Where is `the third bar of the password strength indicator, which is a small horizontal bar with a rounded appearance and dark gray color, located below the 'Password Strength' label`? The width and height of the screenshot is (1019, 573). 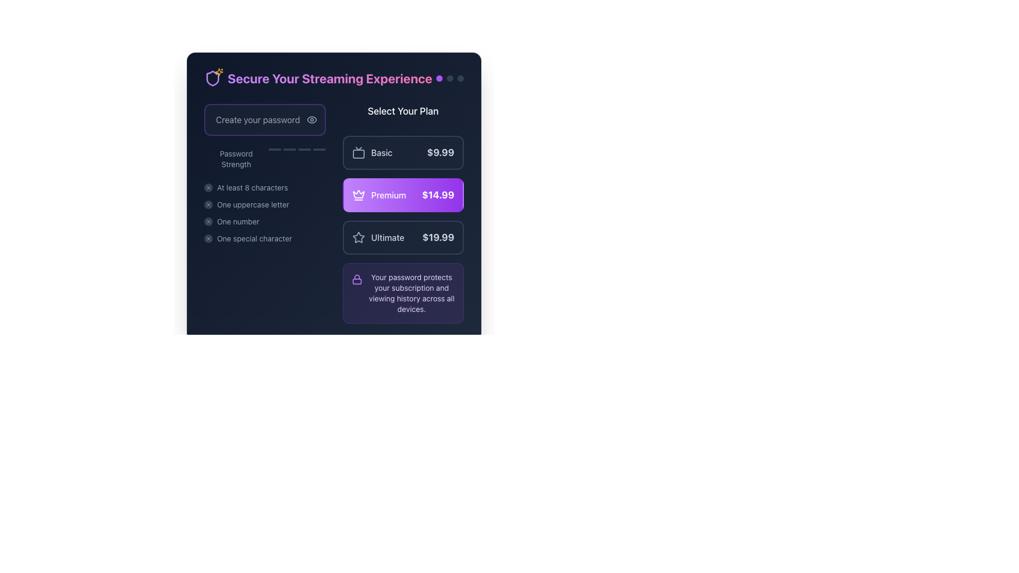 the third bar of the password strength indicator, which is a small horizontal bar with a rounded appearance and dark gray color, located below the 'Password Strength' label is located at coordinates (304, 149).